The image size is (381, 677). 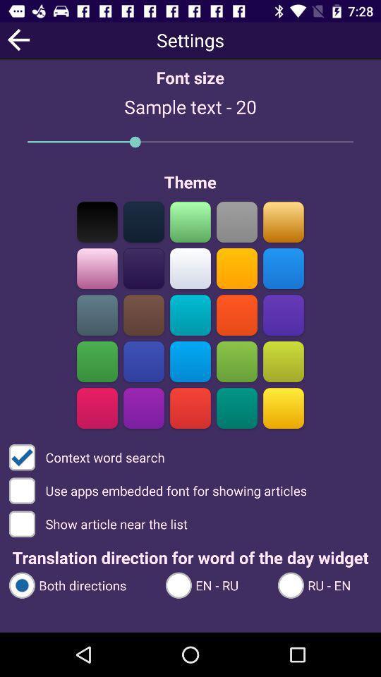 What do you see at coordinates (143, 221) in the screenshot?
I see `the color bar` at bounding box center [143, 221].